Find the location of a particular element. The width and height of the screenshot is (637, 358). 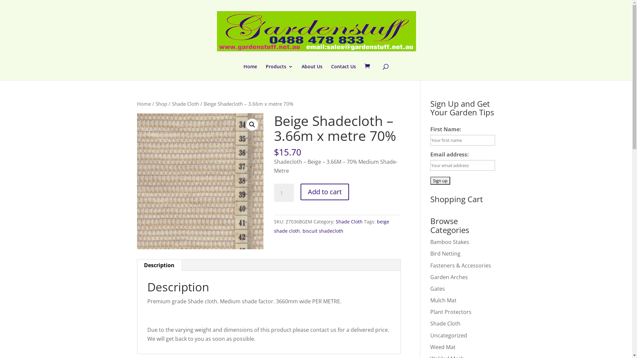

'Plant Protectors' is located at coordinates (430, 312).